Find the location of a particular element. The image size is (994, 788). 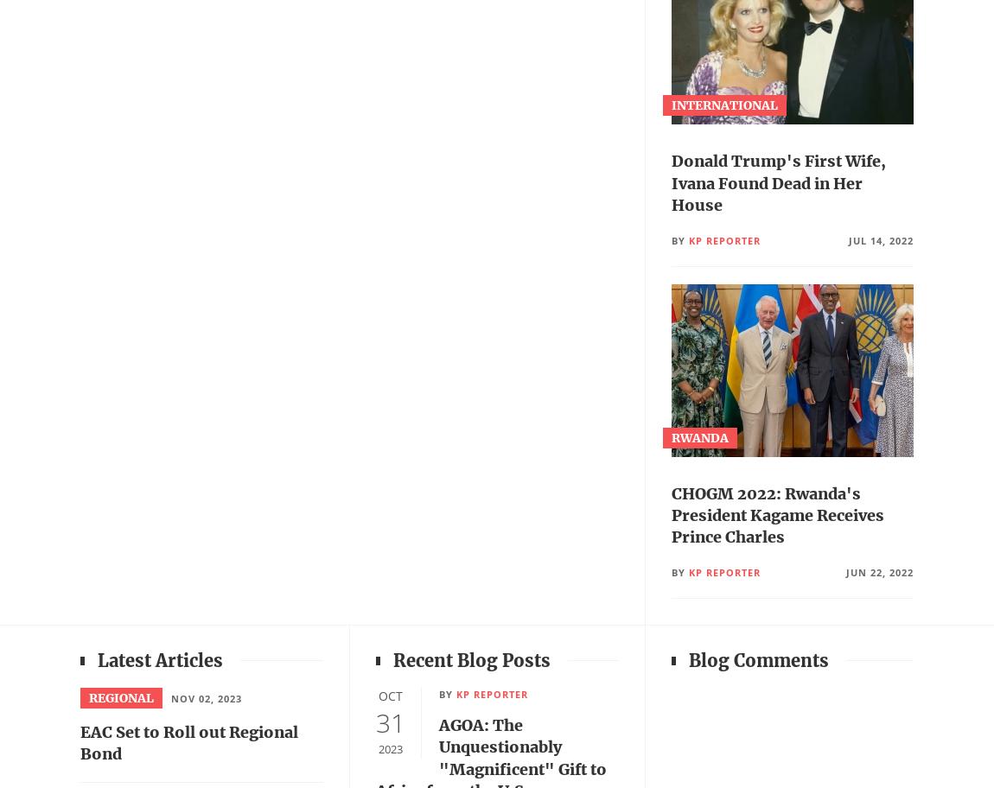

'CHOGM 2022: Rwanda's President Kagame Receives Prince Charles' is located at coordinates (776, 513).